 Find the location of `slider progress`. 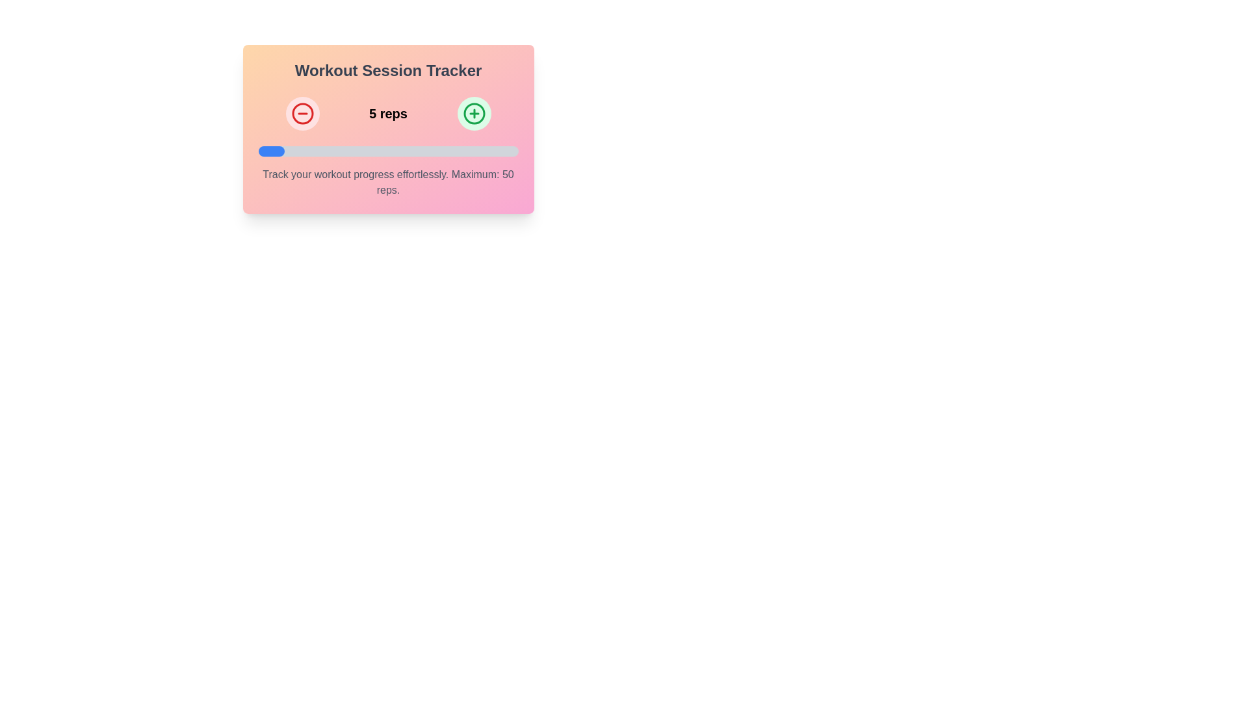

slider progress is located at coordinates (515, 150).